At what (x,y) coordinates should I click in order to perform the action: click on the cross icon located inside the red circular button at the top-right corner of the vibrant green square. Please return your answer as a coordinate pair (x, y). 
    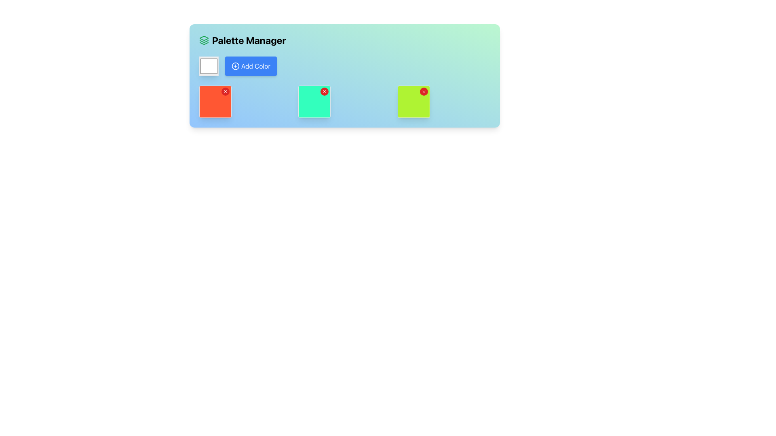
    Looking at the image, I should click on (423, 91).